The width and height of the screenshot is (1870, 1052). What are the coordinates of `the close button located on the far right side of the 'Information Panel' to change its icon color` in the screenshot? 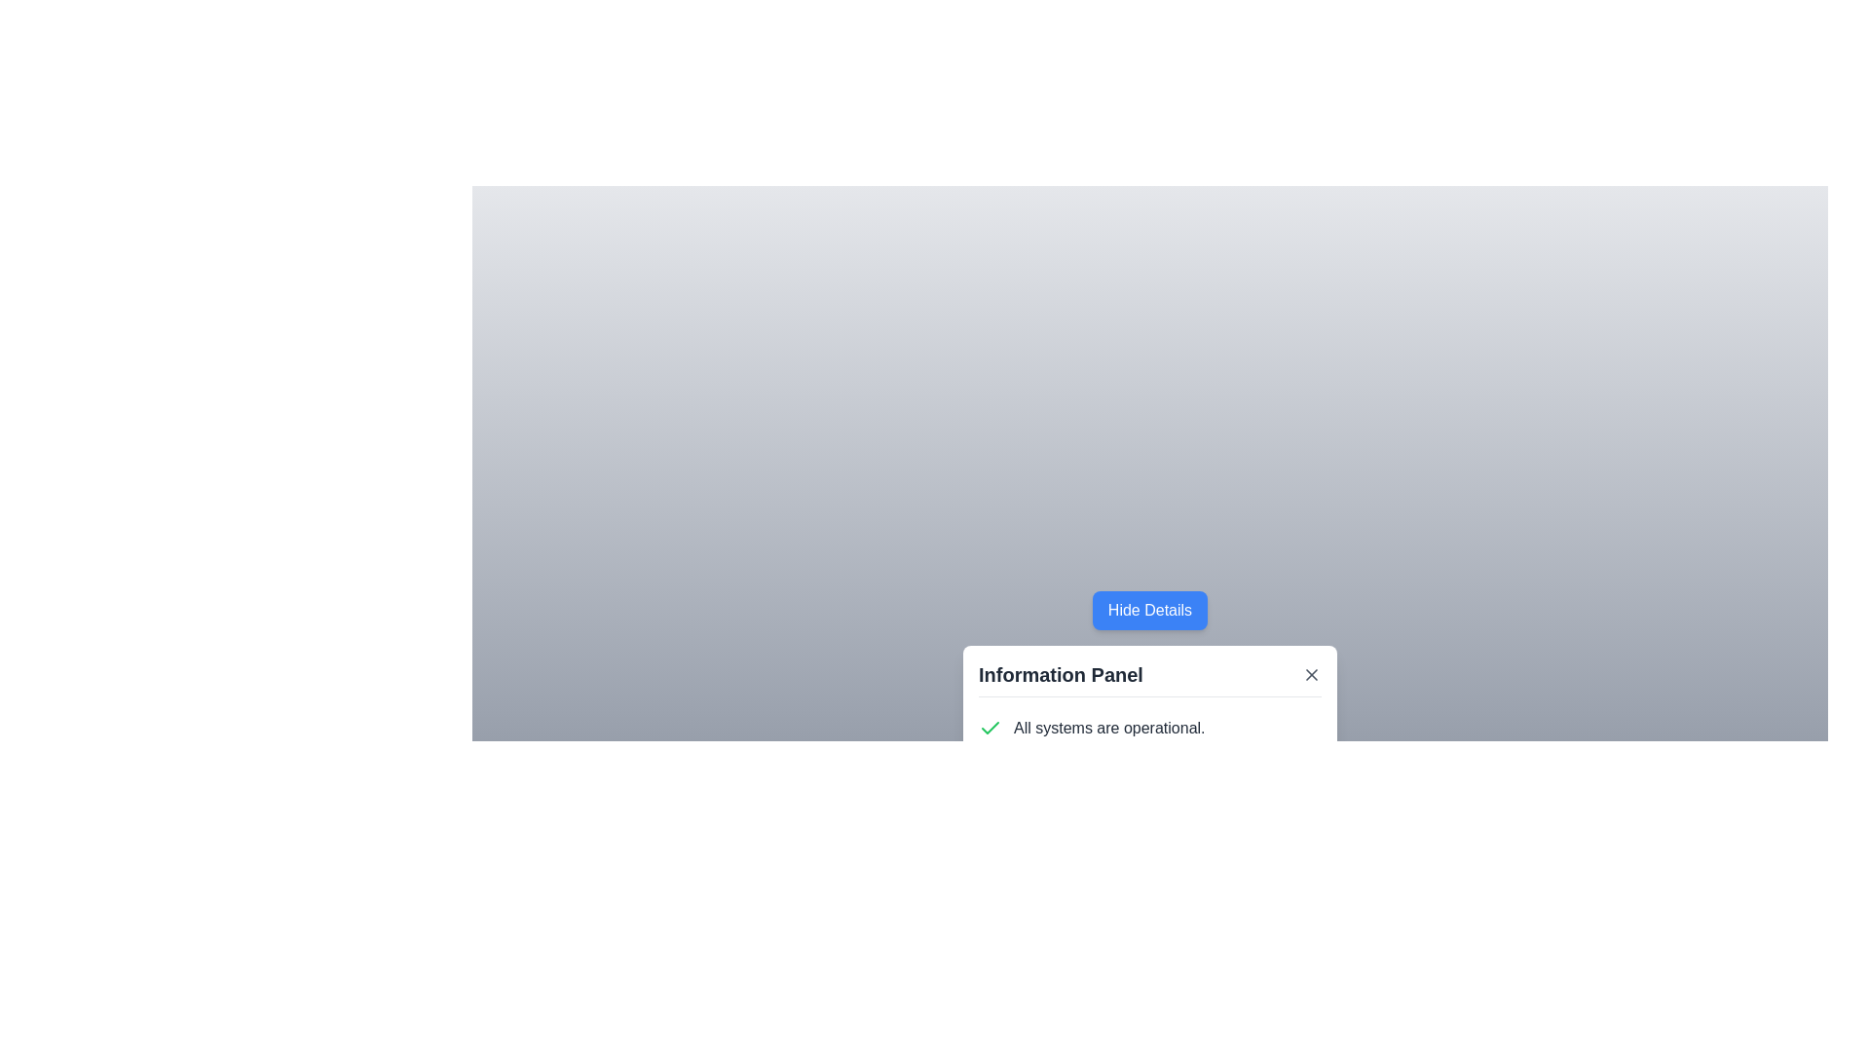 It's located at (1312, 672).